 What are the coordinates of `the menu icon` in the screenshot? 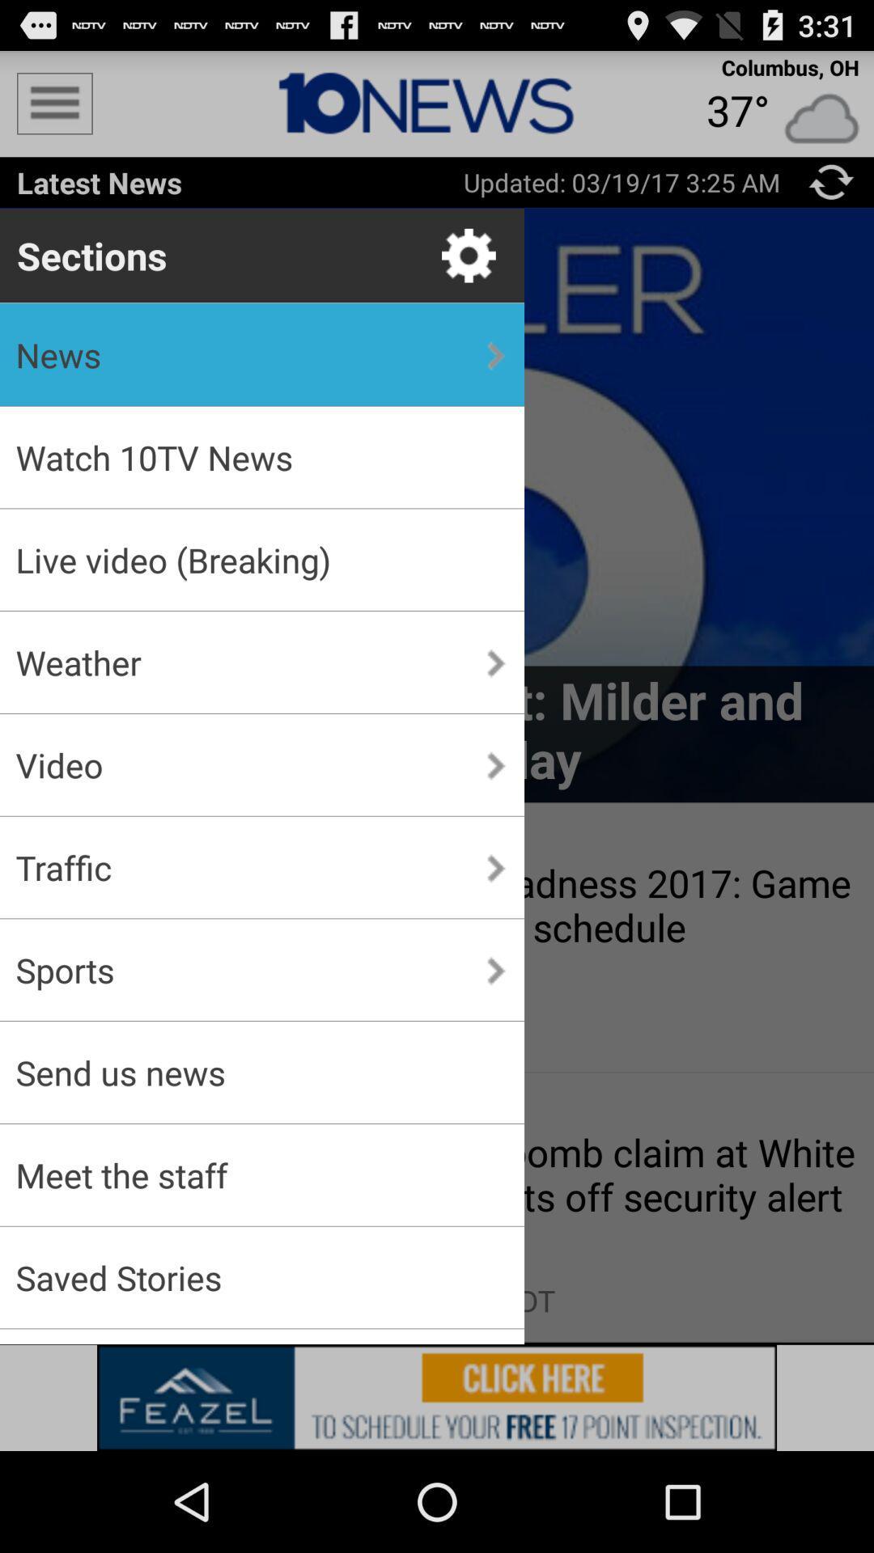 It's located at (53, 110).